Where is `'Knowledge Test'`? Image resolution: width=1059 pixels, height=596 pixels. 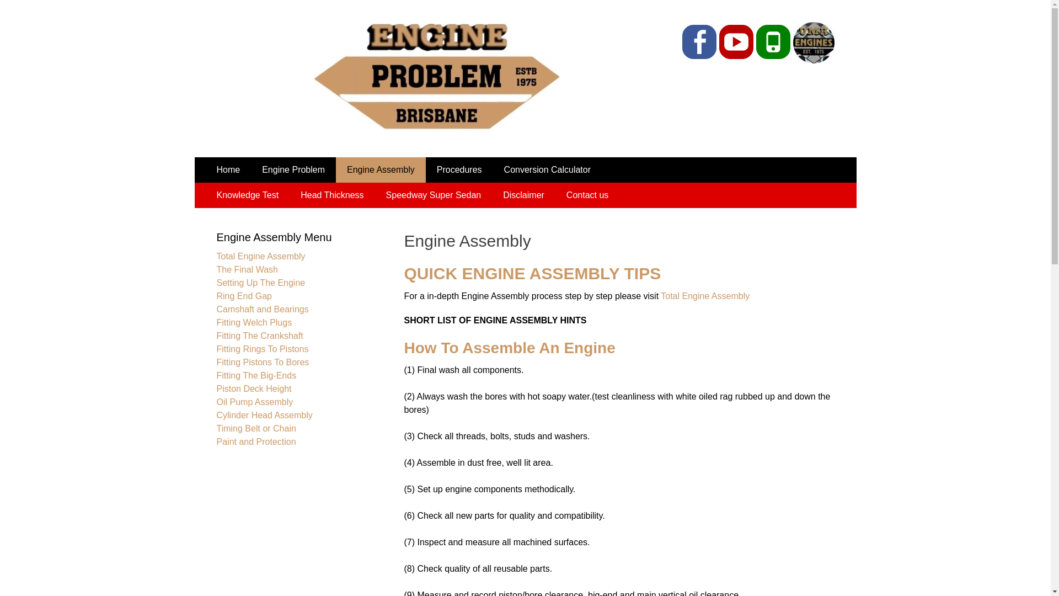
'Knowledge Test' is located at coordinates (205, 195).